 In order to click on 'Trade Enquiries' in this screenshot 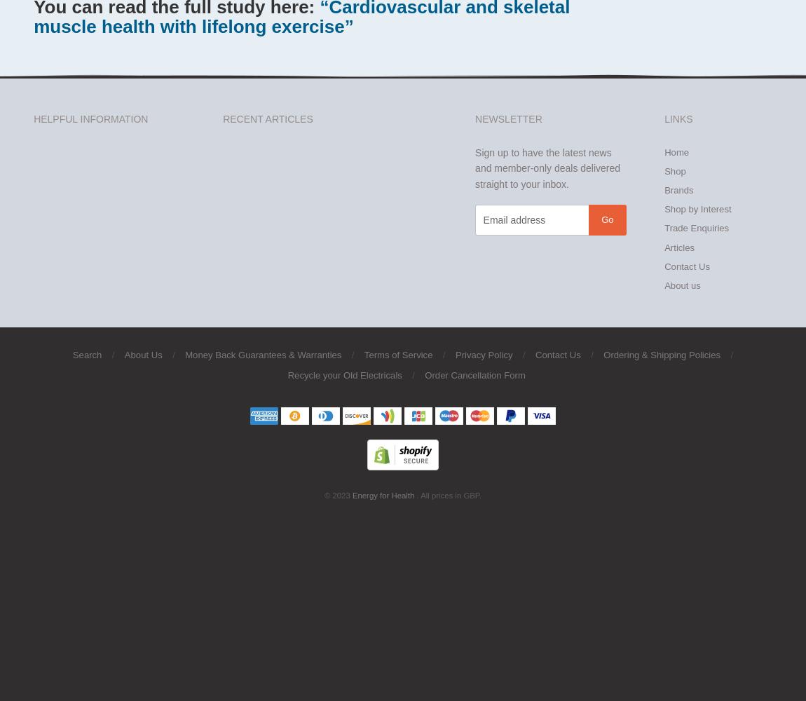, I will do `click(696, 227)`.